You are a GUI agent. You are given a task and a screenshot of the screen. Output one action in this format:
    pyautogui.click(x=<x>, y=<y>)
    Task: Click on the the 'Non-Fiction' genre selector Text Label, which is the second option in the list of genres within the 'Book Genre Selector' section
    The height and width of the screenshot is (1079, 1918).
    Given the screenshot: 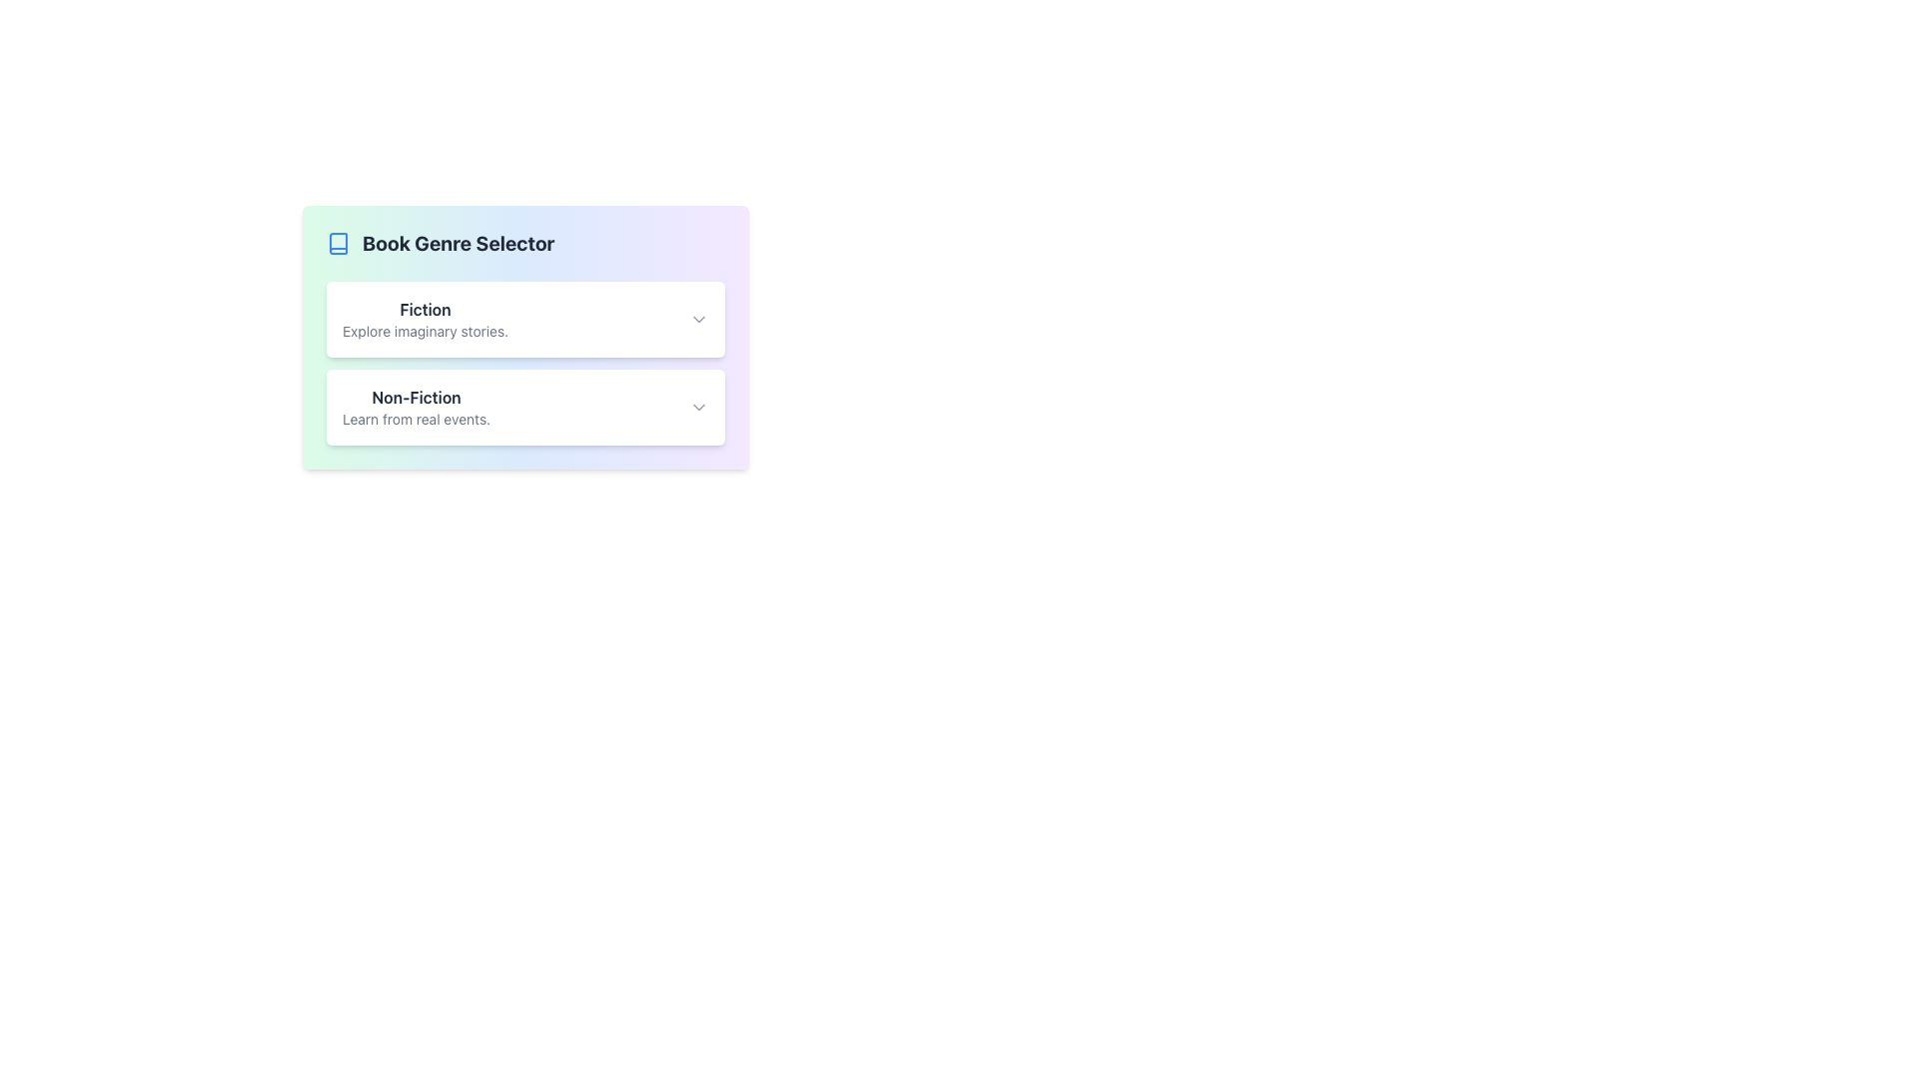 What is the action you would take?
    pyautogui.click(x=416, y=407)
    